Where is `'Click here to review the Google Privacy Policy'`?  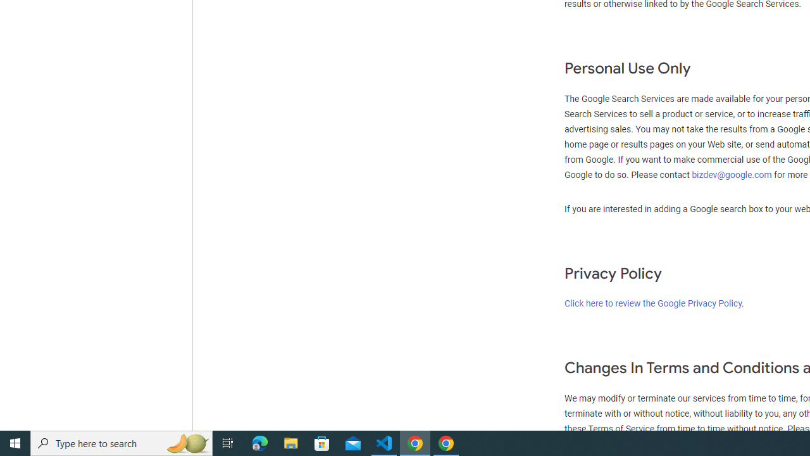
'Click here to review the Google Privacy Policy' is located at coordinates (653, 303).